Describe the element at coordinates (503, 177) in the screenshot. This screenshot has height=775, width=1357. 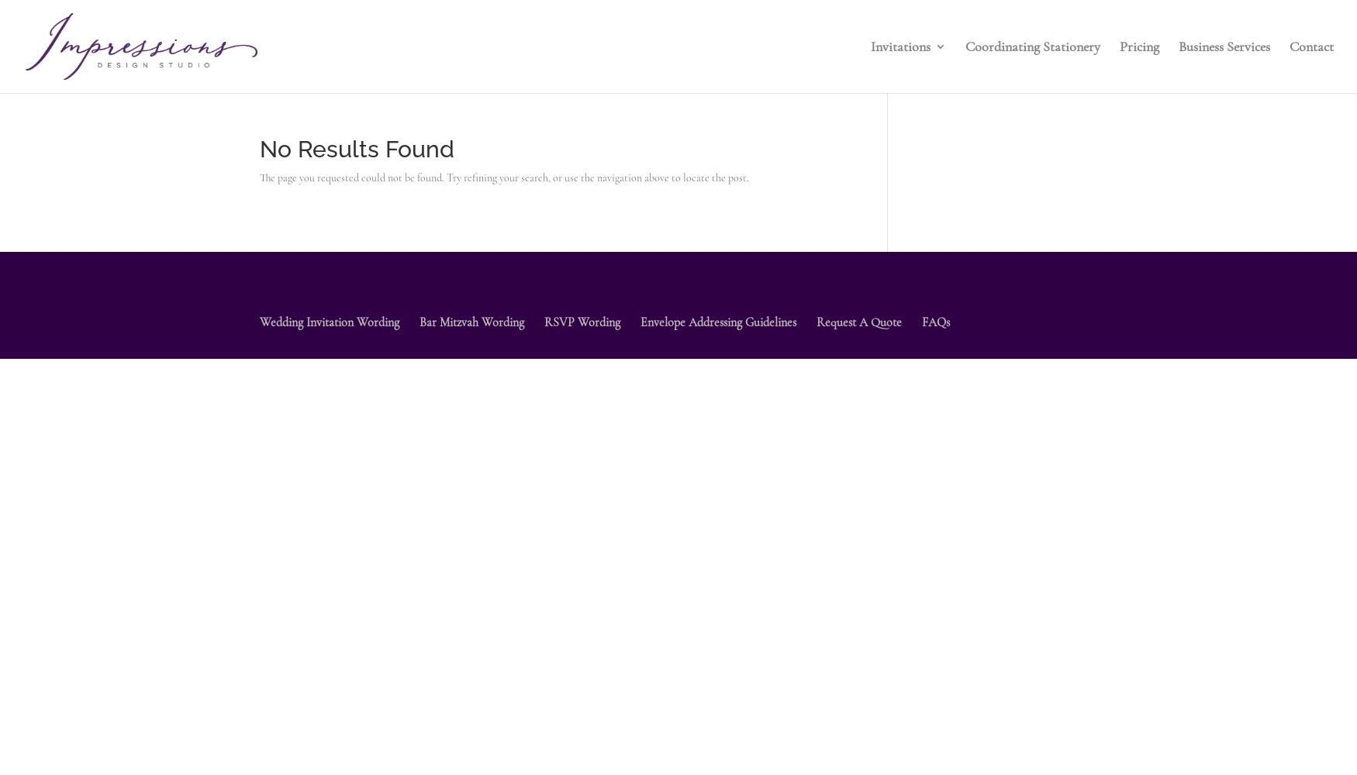
I see `'The page you requested could not be found. Try refining your search, or use the navigation above to locate the post.'` at that location.